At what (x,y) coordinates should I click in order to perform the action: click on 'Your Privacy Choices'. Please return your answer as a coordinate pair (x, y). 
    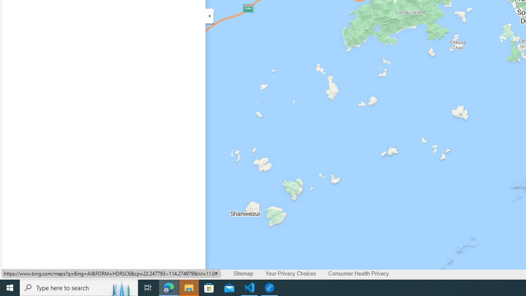
    Looking at the image, I should click on (291, 273).